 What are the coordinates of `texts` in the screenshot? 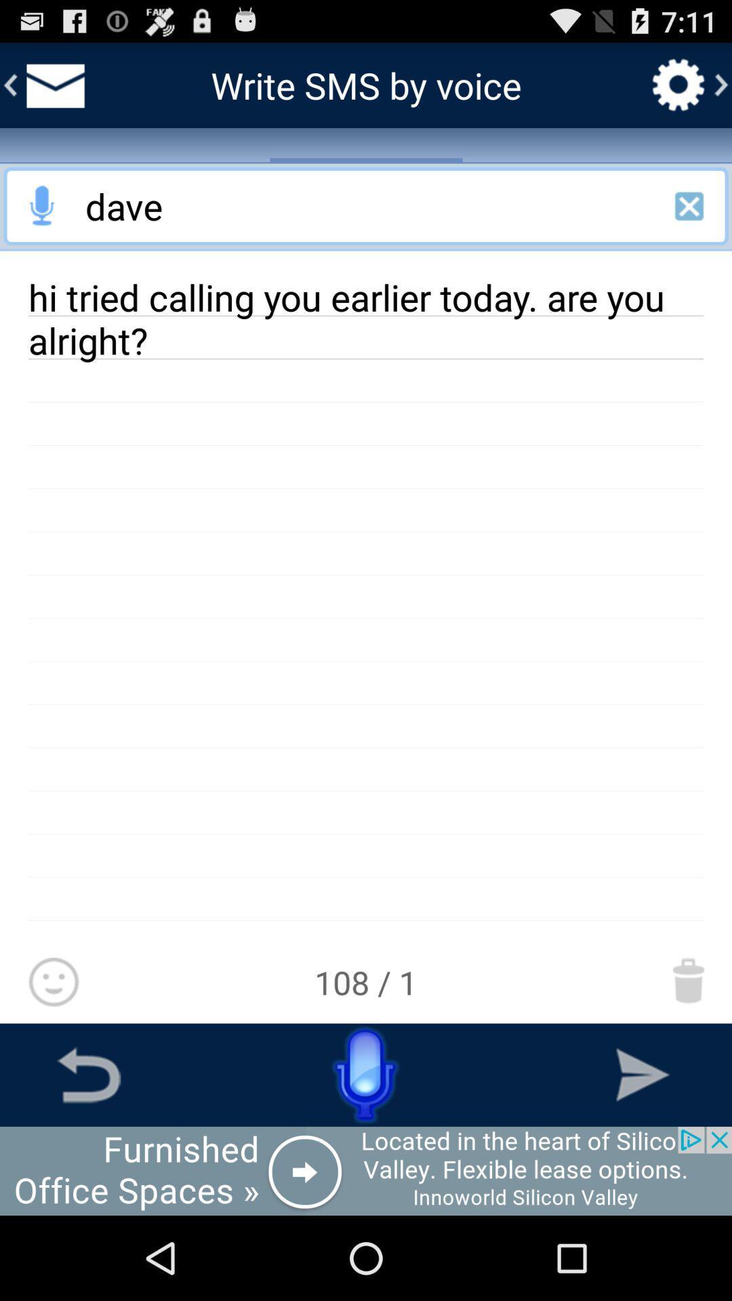 It's located at (52, 84).